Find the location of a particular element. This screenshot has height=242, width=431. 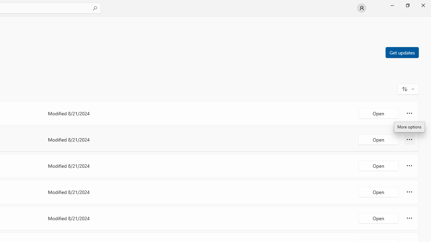

'Sort and filter' is located at coordinates (408, 88).